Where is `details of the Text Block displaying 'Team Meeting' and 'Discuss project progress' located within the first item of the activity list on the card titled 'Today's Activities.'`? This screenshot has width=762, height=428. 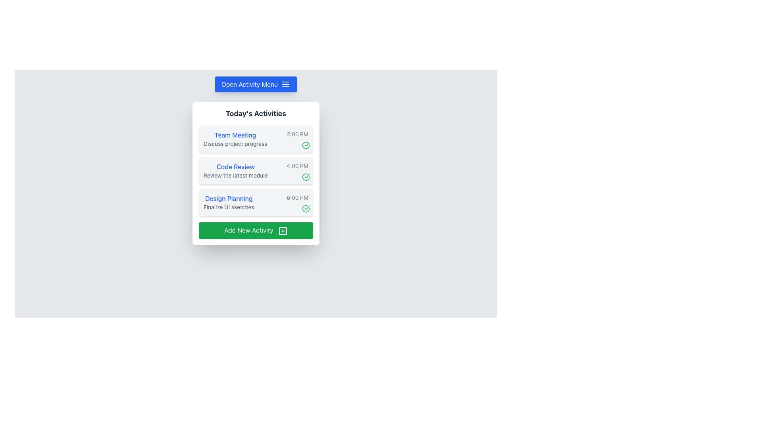
details of the Text Block displaying 'Team Meeting' and 'Discuss project progress' located within the first item of the activity list on the card titled 'Today's Activities.' is located at coordinates (256, 139).